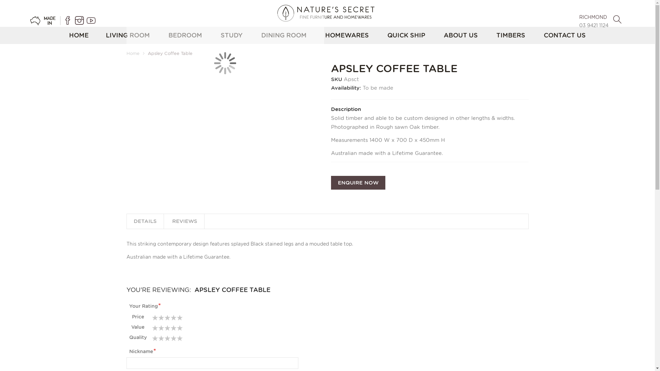  Describe the element at coordinates (347, 35) in the screenshot. I see `'HOMEWARES'` at that location.